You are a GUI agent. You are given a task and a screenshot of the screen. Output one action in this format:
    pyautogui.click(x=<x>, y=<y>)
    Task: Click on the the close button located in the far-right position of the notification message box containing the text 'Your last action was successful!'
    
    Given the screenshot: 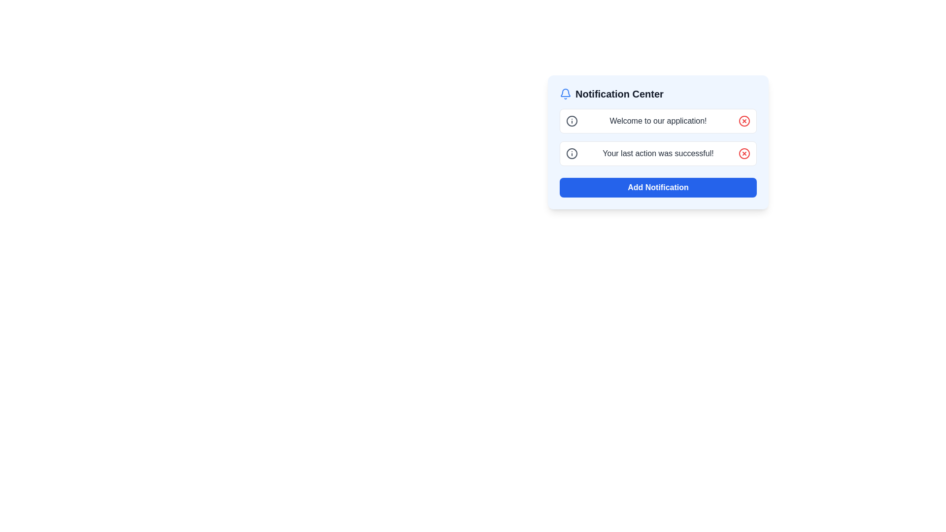 What is the action you would take?
    pyautogui.click(x=744, y=154)
    